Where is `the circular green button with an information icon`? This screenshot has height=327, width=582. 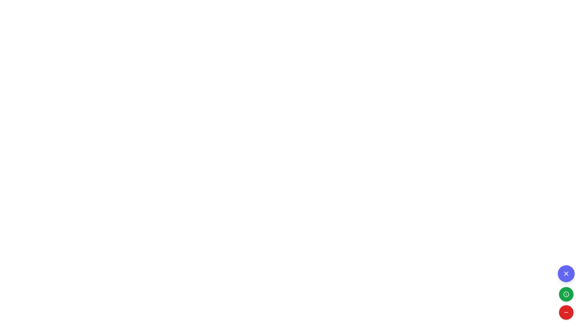 the circular green button with an information icon is located at coordinates (566, 294).